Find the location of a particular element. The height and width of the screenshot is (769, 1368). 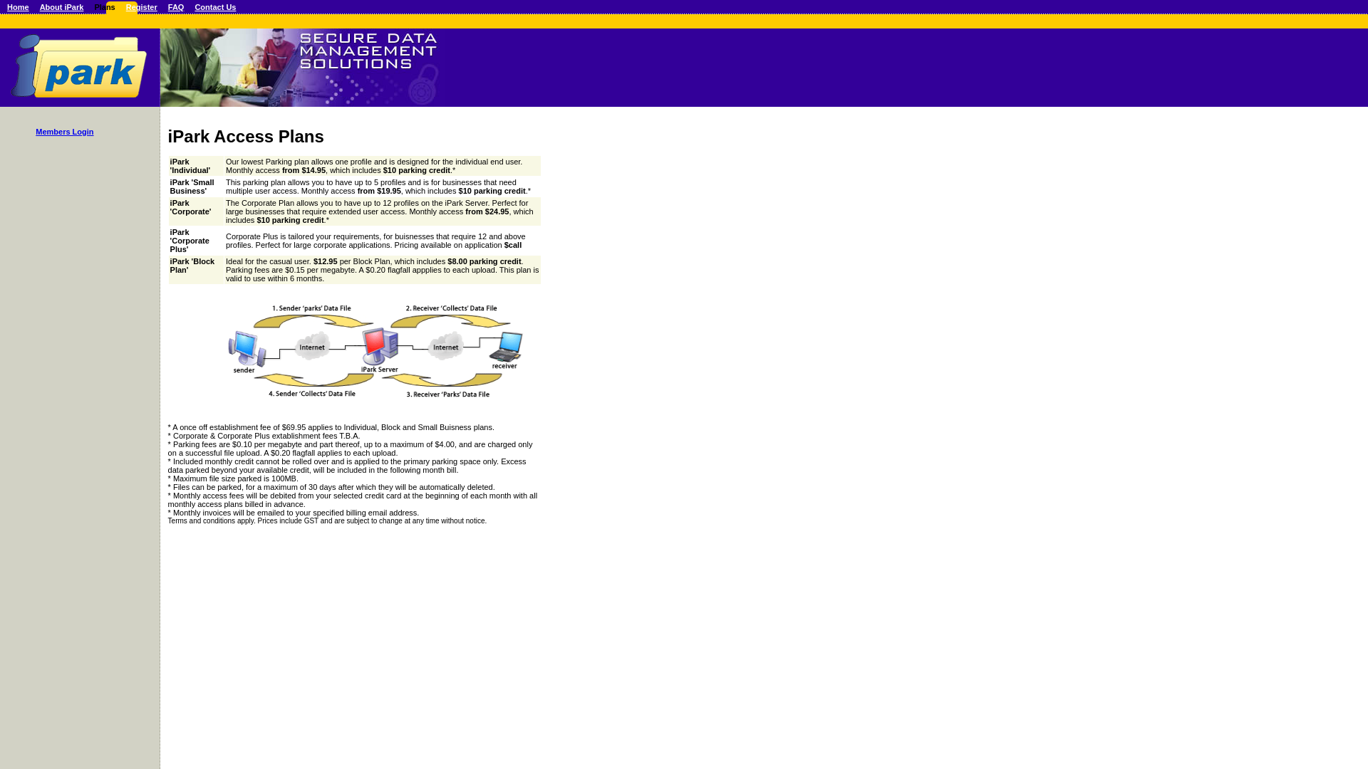

'About iPark' is located at coordinates (61, 7).